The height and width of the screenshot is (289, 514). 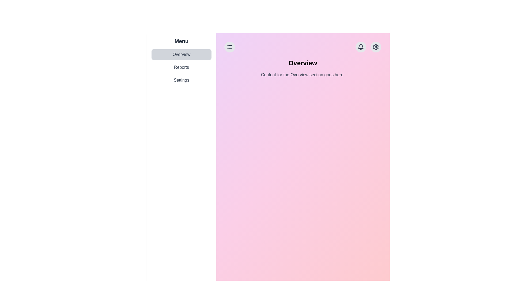 What do you see at coordinates (303, 63) in the screenshot?
I see `text 'Overview' displayed prominently in bold font at the upper middle section of the content area, above the smaller text block` at bounding box center [303, 63].